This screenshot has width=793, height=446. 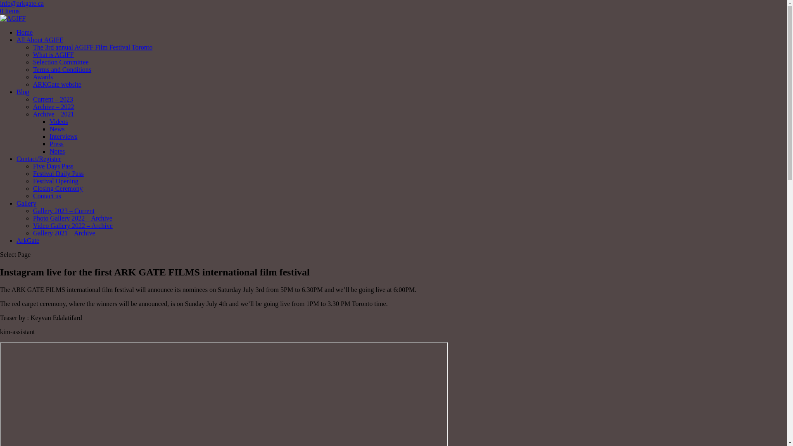 What do you see at coordinates (58, 173) in the screenshot?
I see `'Festival Daily Pass'` at bounding box center [58, 173].